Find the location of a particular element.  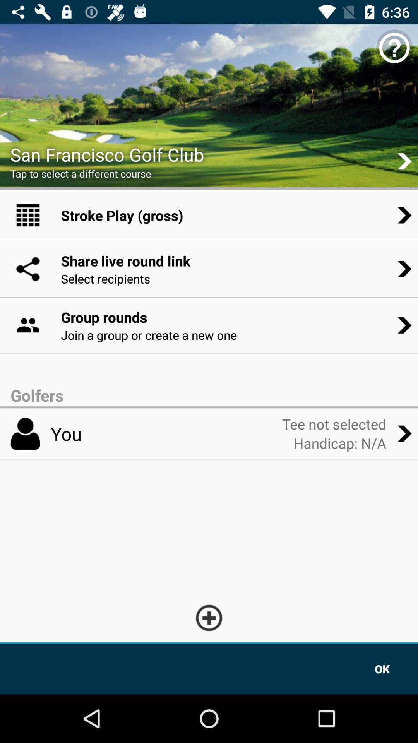

the help icon is located at coordinates (394, 47).